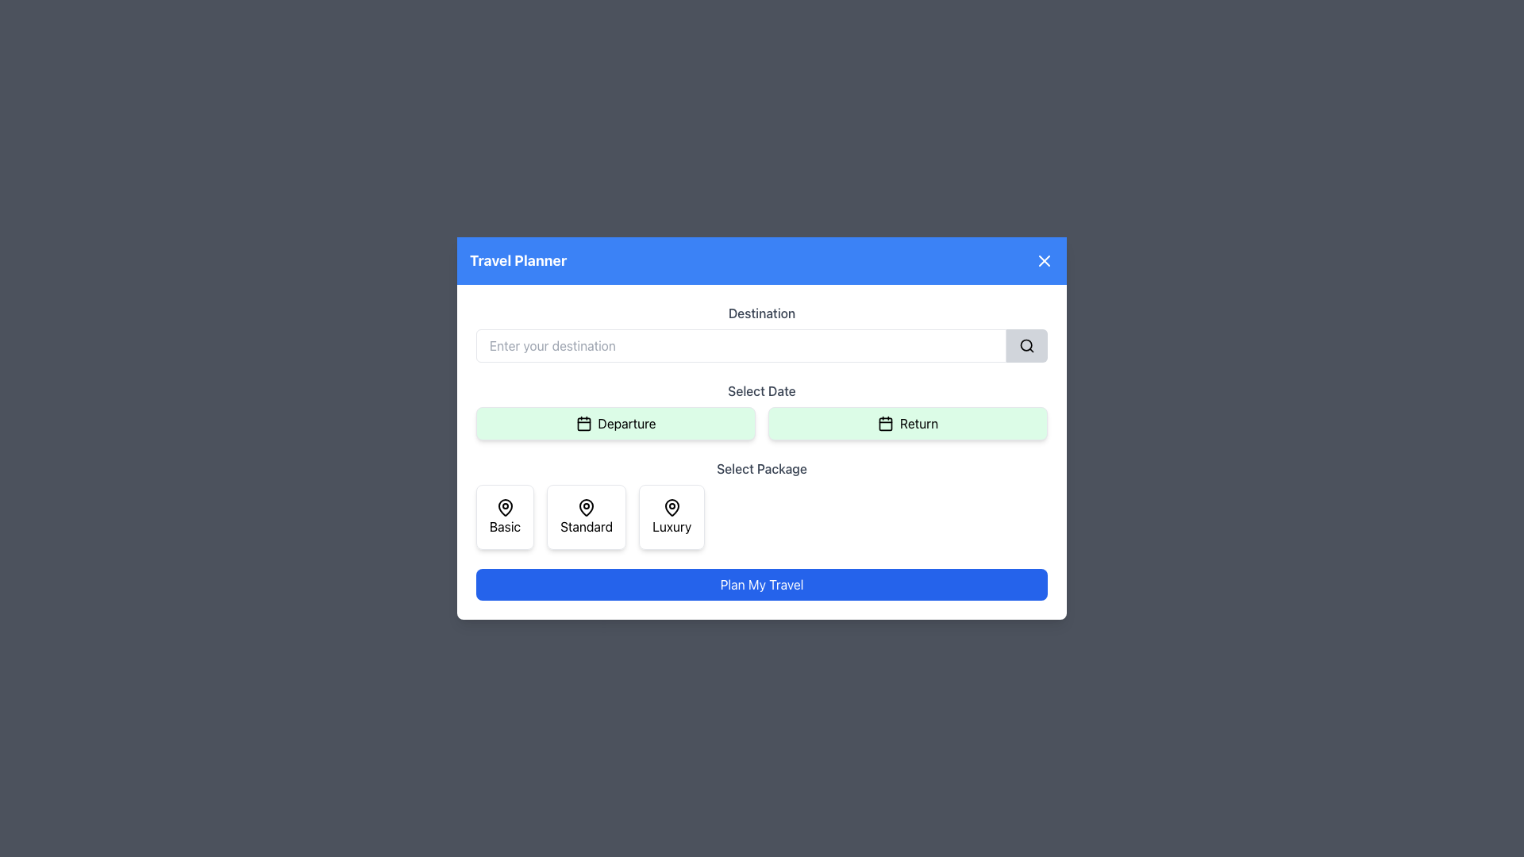 This screenshot has height=857, width=1524. Describe the element at coordinates (583, 422) in the screenshot. I see `the calendar icon located to the left of the 'Departure' text in the Select Date section of the form` at that location.